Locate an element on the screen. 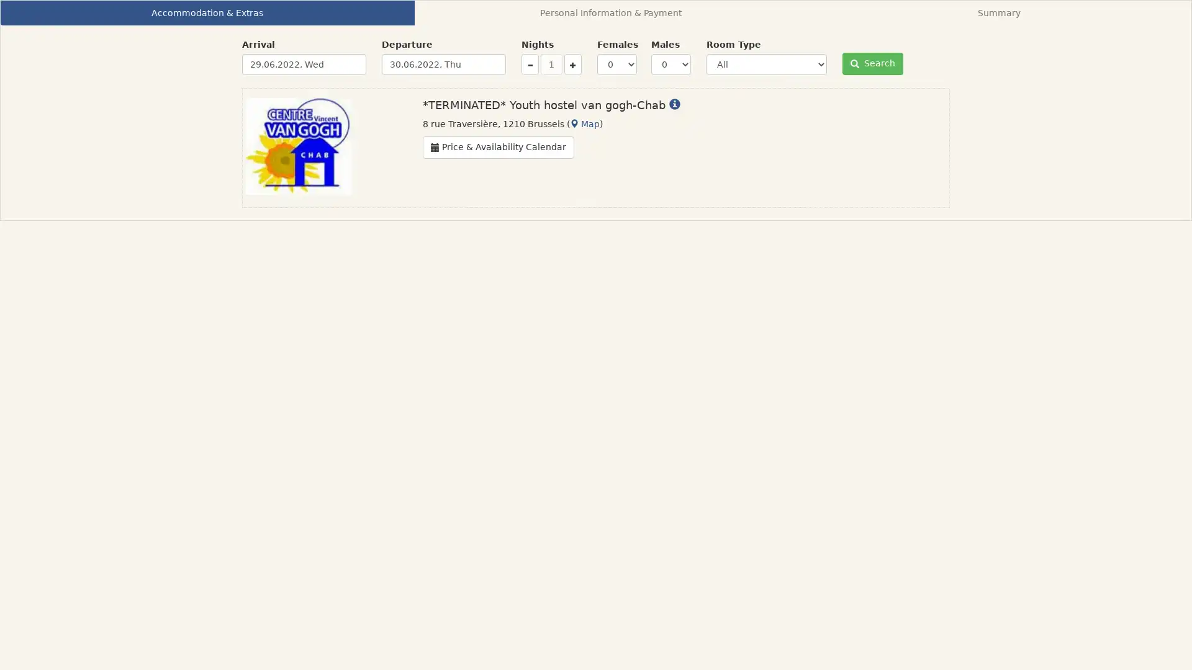 This screenshot has height=670, width=1192. Search is located at coordinates (872, 64).